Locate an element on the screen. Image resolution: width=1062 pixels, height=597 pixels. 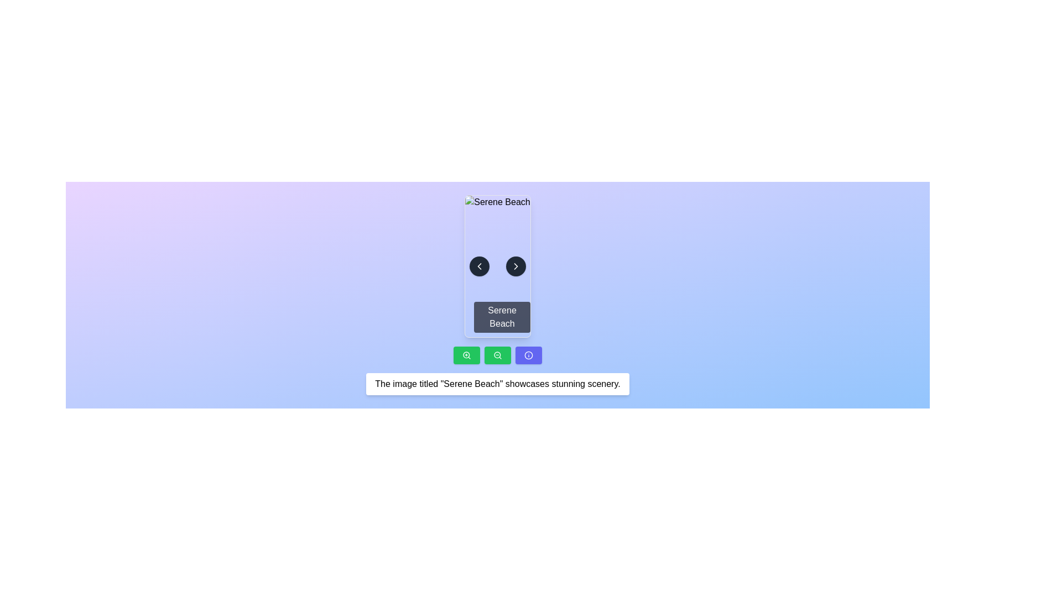
the second button in the row of three buttons, located between a green zoom-in button and a purple info button, to zoom out is located at coordinates (497, 355).